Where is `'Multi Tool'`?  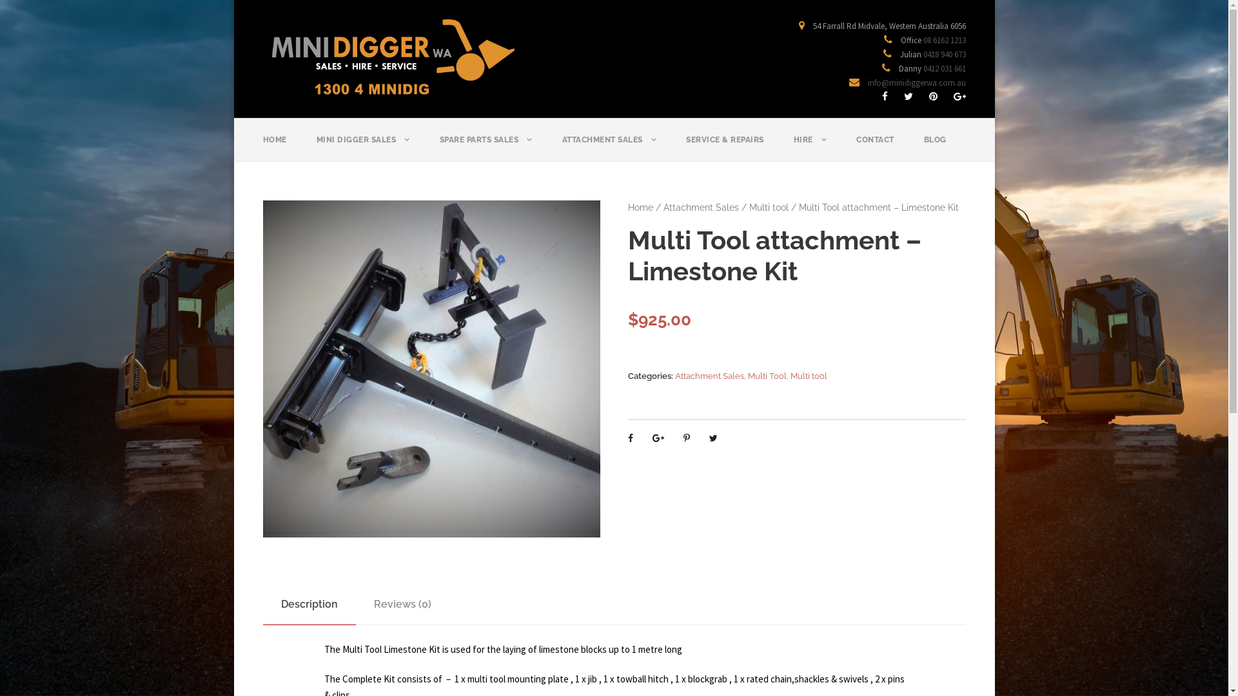 'Multi Tool' is located at coordinates (767, 376).